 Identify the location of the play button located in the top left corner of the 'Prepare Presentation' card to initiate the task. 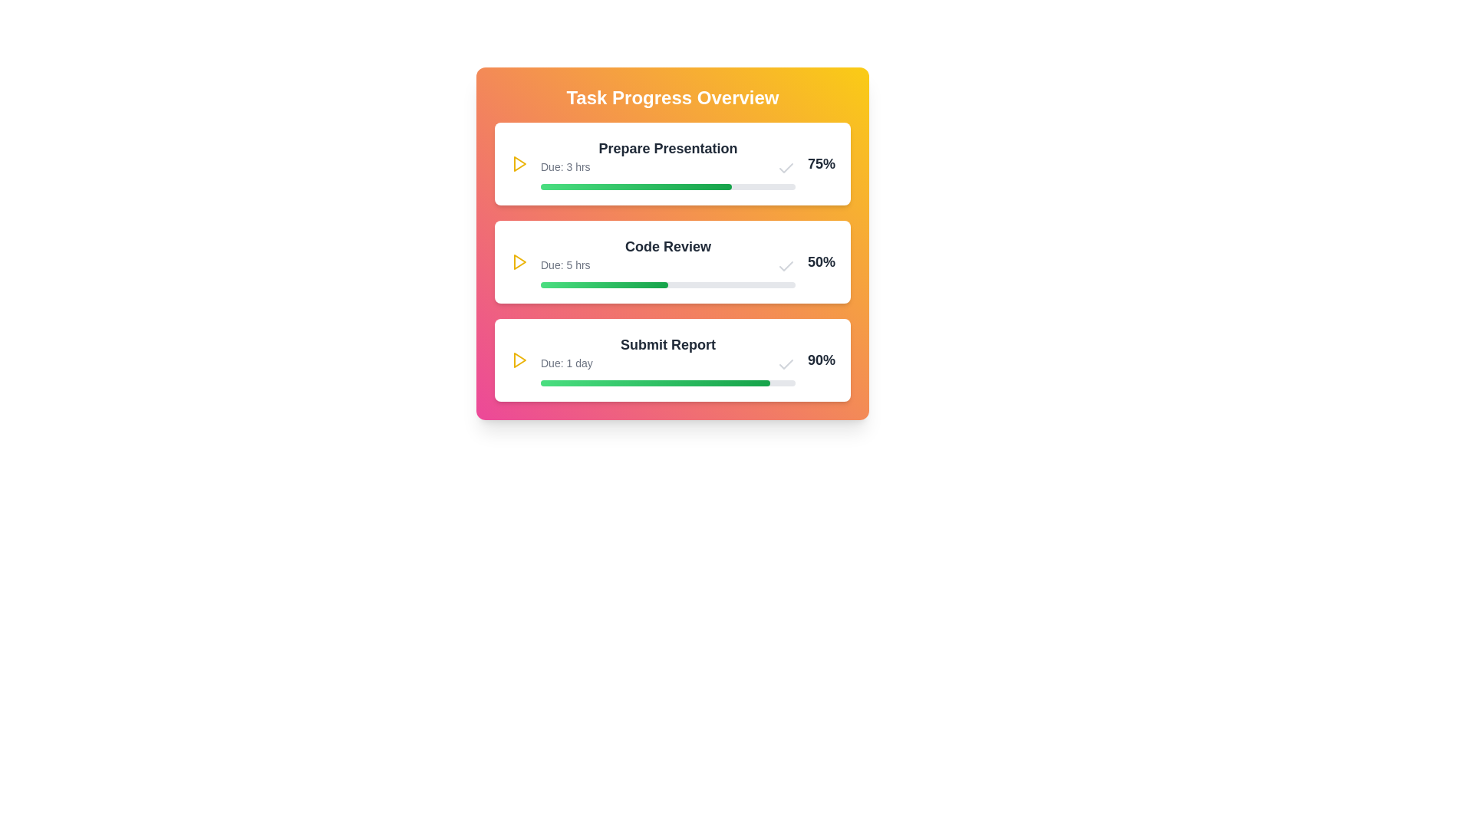
(519, 163).